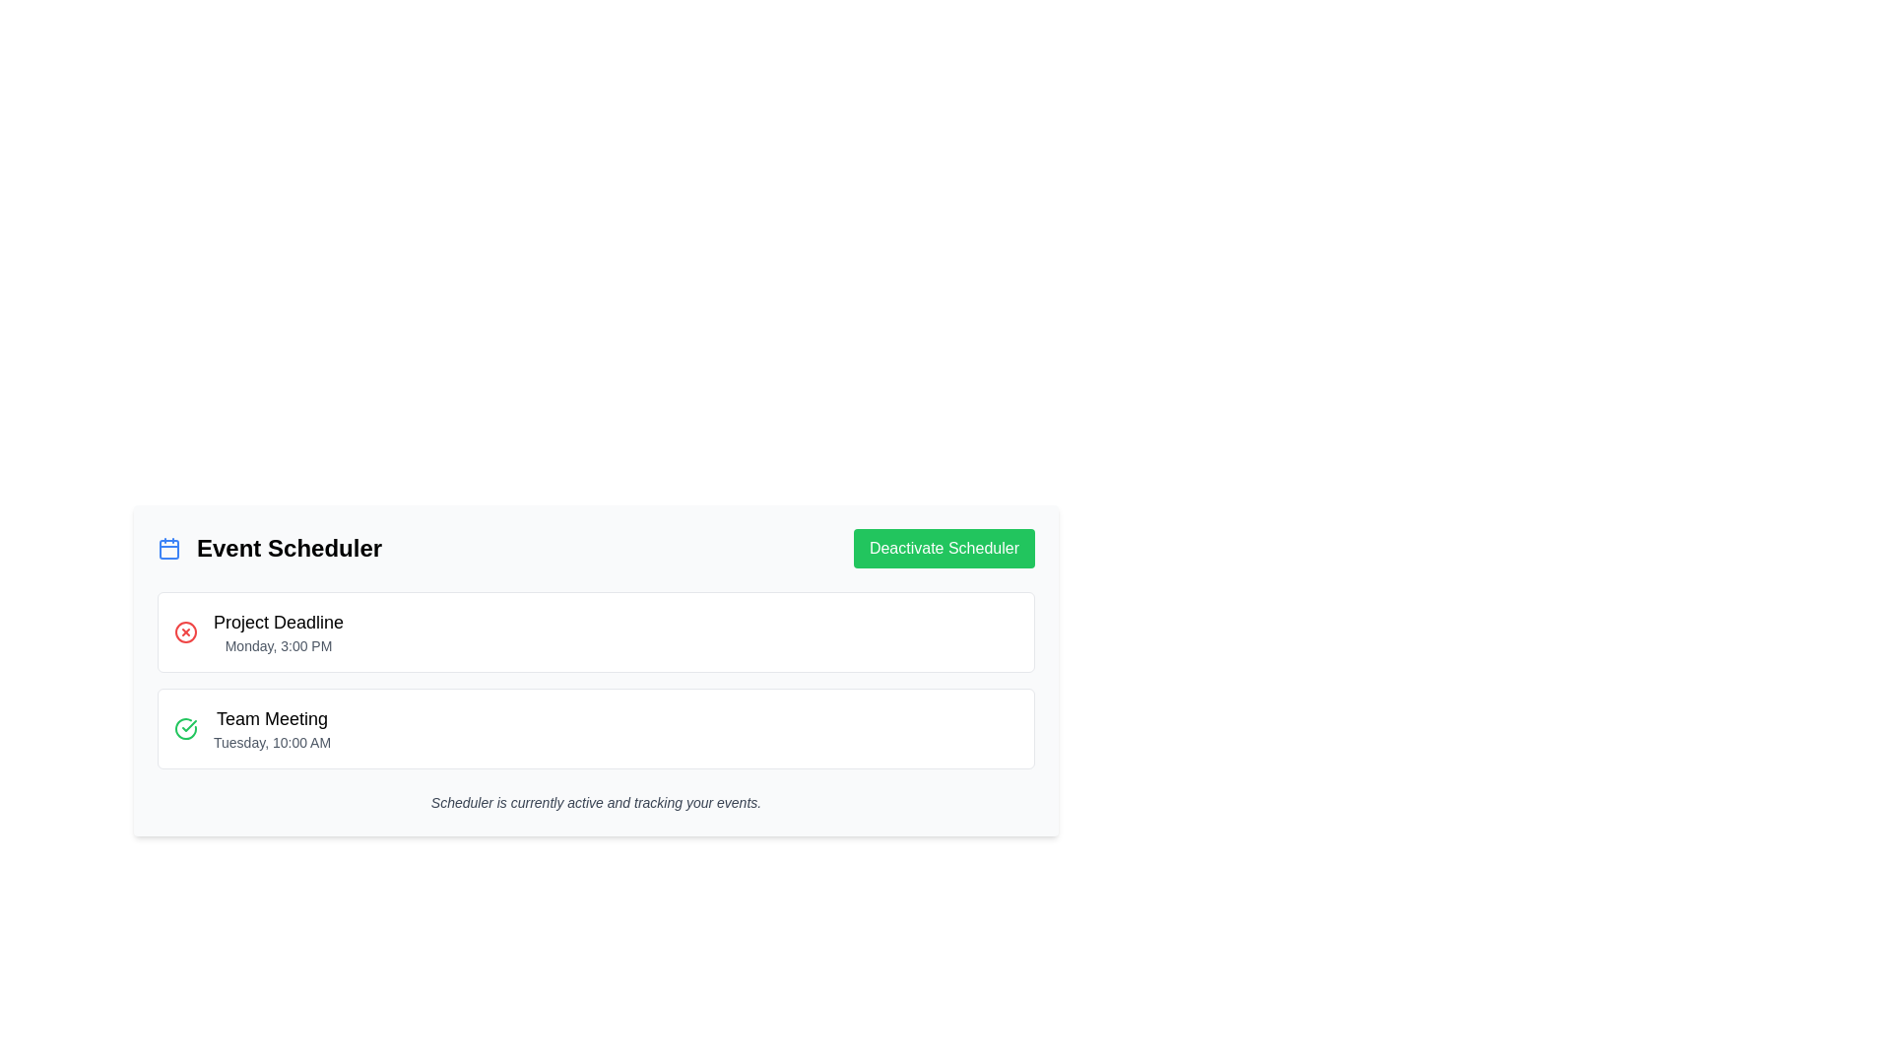 The image size is (1891, 1064). Describe the element at coordinates (185, 729) in the screenshot. I see `the completion status icon for the 'Team Meeting' event, which indicates that the event has been successfully scheduled or marked as completed` at that location.